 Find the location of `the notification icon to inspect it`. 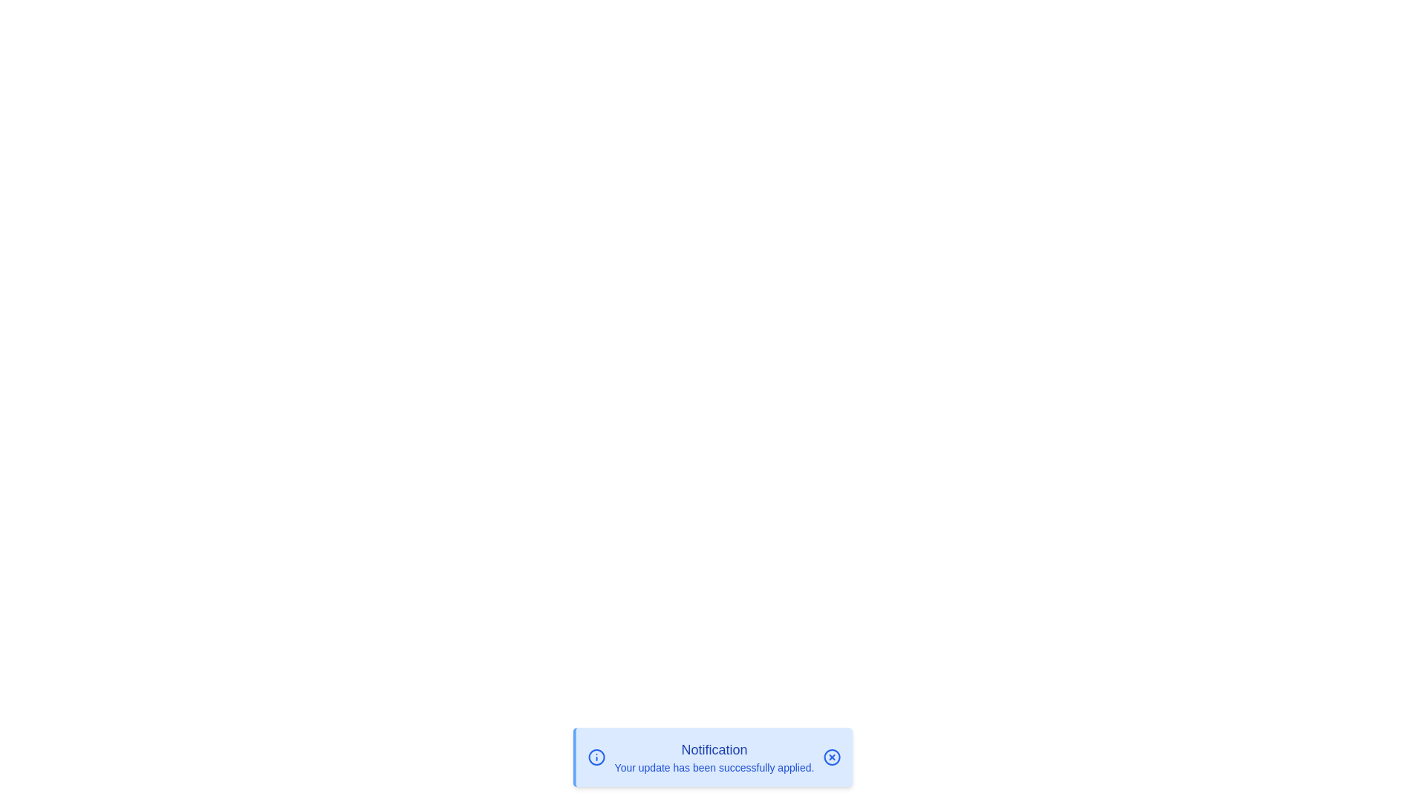

the notification icon to inspect it is located at coordinates (596, 757).